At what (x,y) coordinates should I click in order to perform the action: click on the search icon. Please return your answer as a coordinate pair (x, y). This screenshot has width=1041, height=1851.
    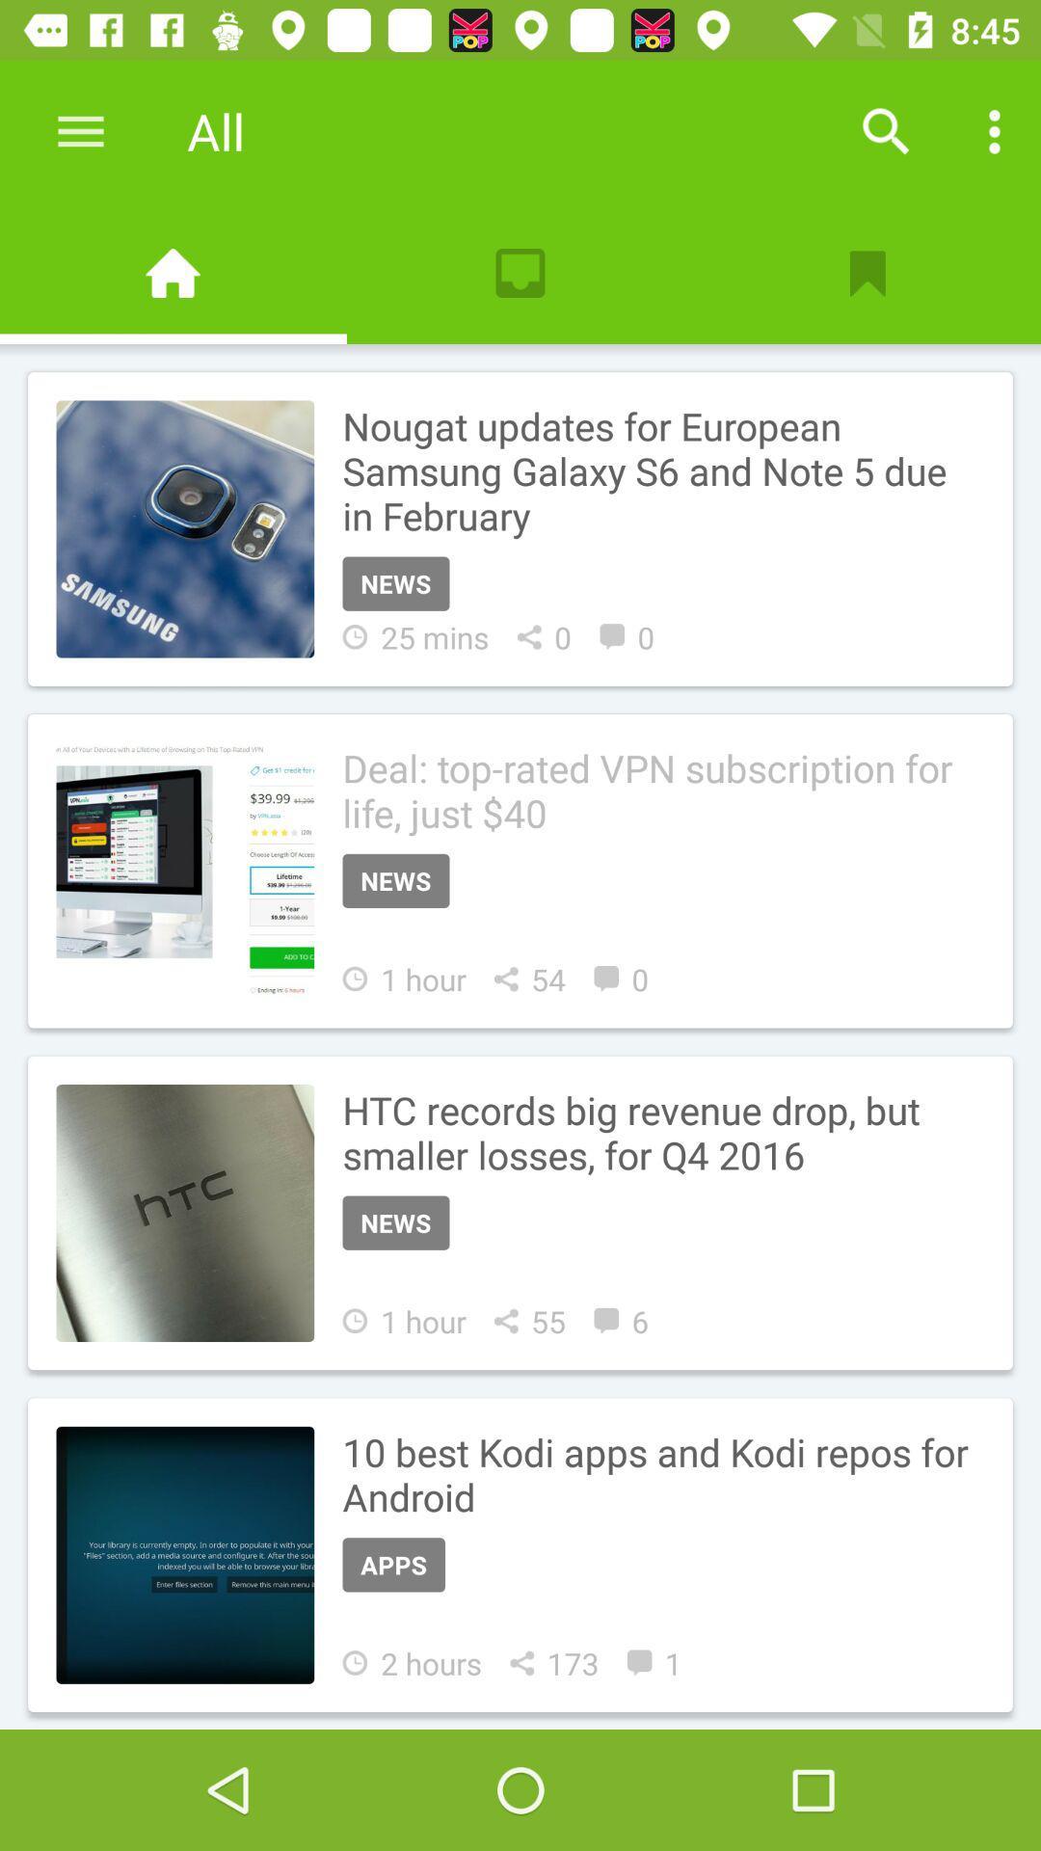
    Looking at the image, I should click on (886, 130).